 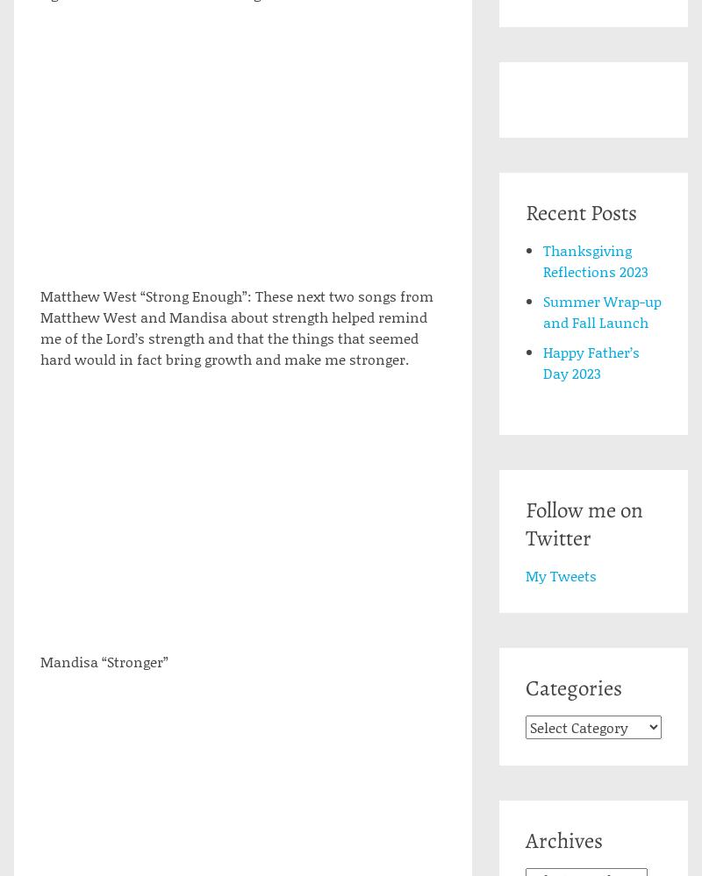 I want to click on 'Matthew West “Strong Enough”: These next two songs from Matthew West and Mandisa about strength helped remind me of the Lord’s strength and that the things that seemed hard would in fact bring growth and make me stronger.', so click(x=39, y=327).